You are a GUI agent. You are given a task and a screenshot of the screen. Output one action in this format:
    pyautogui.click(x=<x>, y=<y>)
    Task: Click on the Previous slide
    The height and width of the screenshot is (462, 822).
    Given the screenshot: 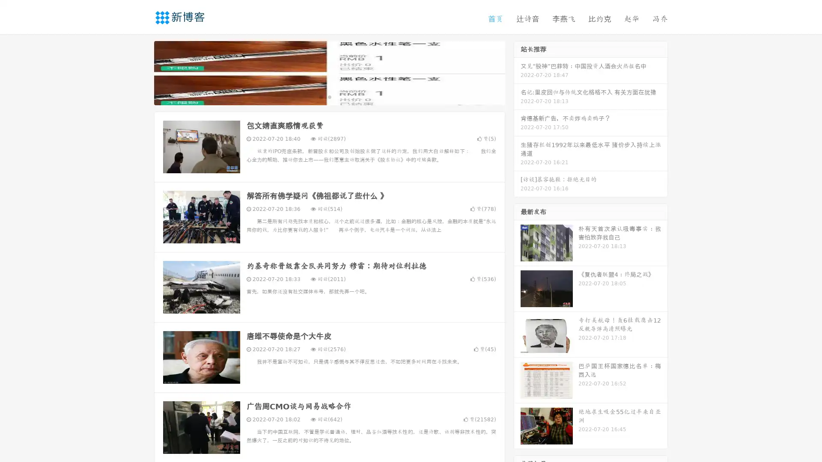 What is the action you would take?
    pyautogui.click(x=141, y=72)
    